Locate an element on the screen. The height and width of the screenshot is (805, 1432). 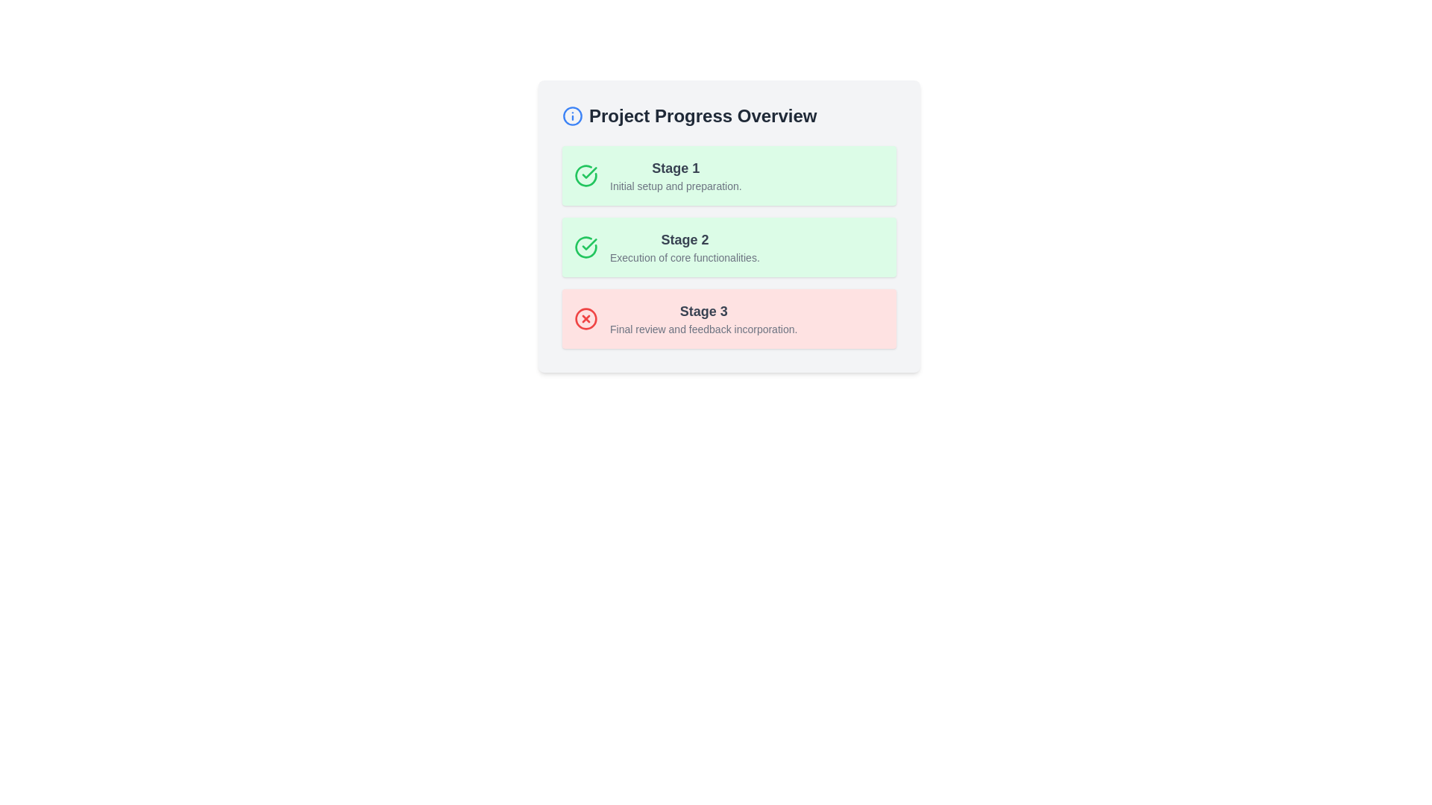
the text label displaying 'Initial setup and preparation.' which is located below the 'Stage 1' header in the first progress stage card is located at coordinates (675, 186).